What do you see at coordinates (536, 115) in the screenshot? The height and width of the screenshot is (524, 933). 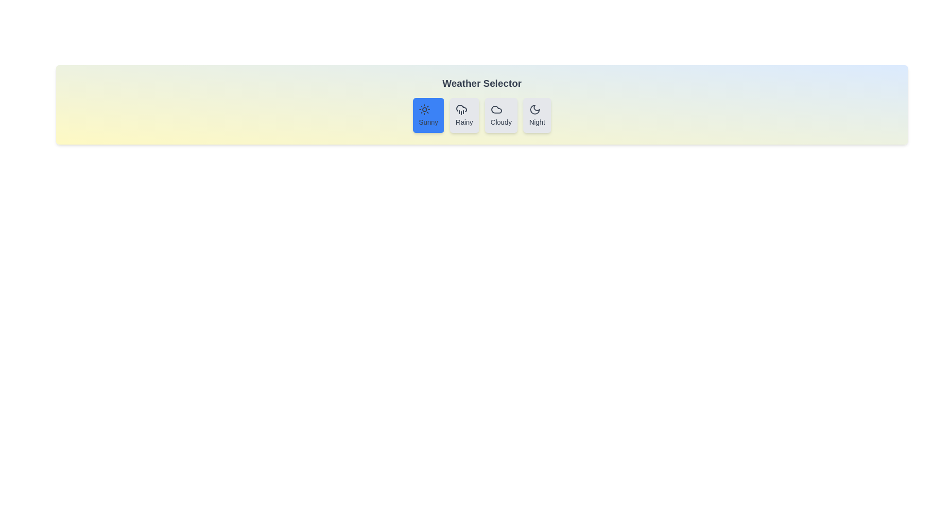 I see `the weather button labeled Night to experience the hover effect` at bounding box center [536, 115].